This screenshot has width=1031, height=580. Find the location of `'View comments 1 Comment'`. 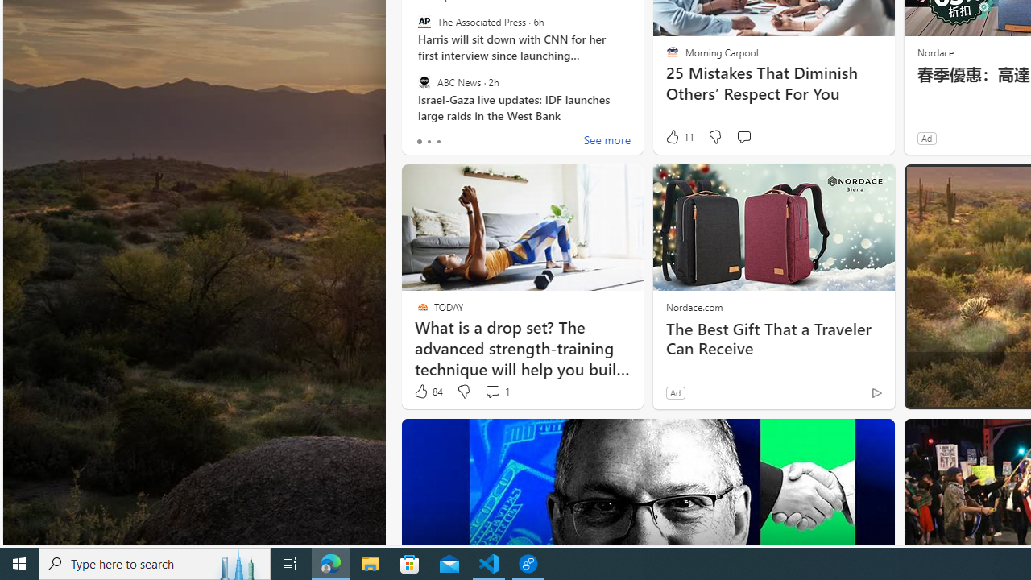

'View comments 1 Comment' is located at coordinates (491, 391).